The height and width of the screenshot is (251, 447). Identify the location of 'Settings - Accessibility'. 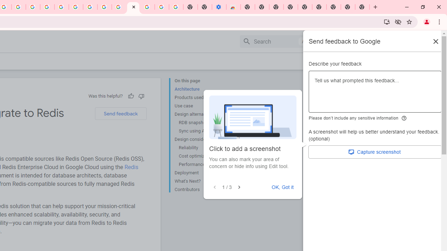
(219, 7).